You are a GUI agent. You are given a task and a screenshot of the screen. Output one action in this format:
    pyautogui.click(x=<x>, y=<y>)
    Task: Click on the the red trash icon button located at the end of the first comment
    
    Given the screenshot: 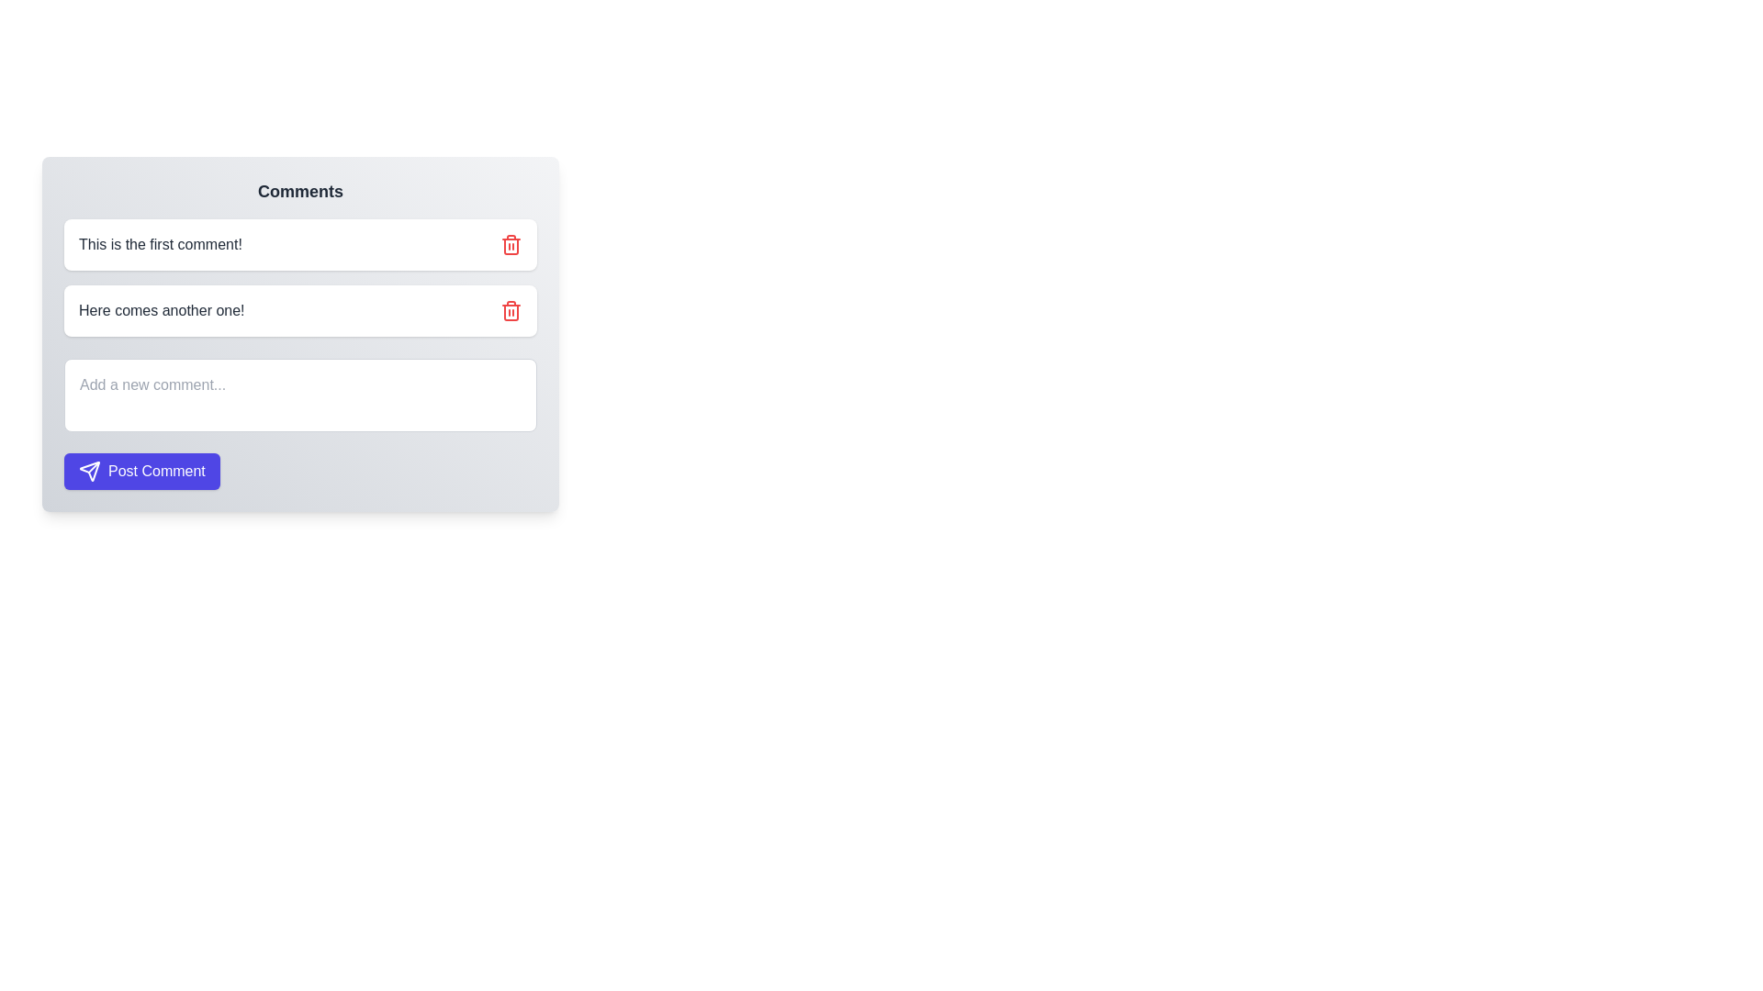 What is the action you would take?
    pyautogui.click(x=511, y=243)
    